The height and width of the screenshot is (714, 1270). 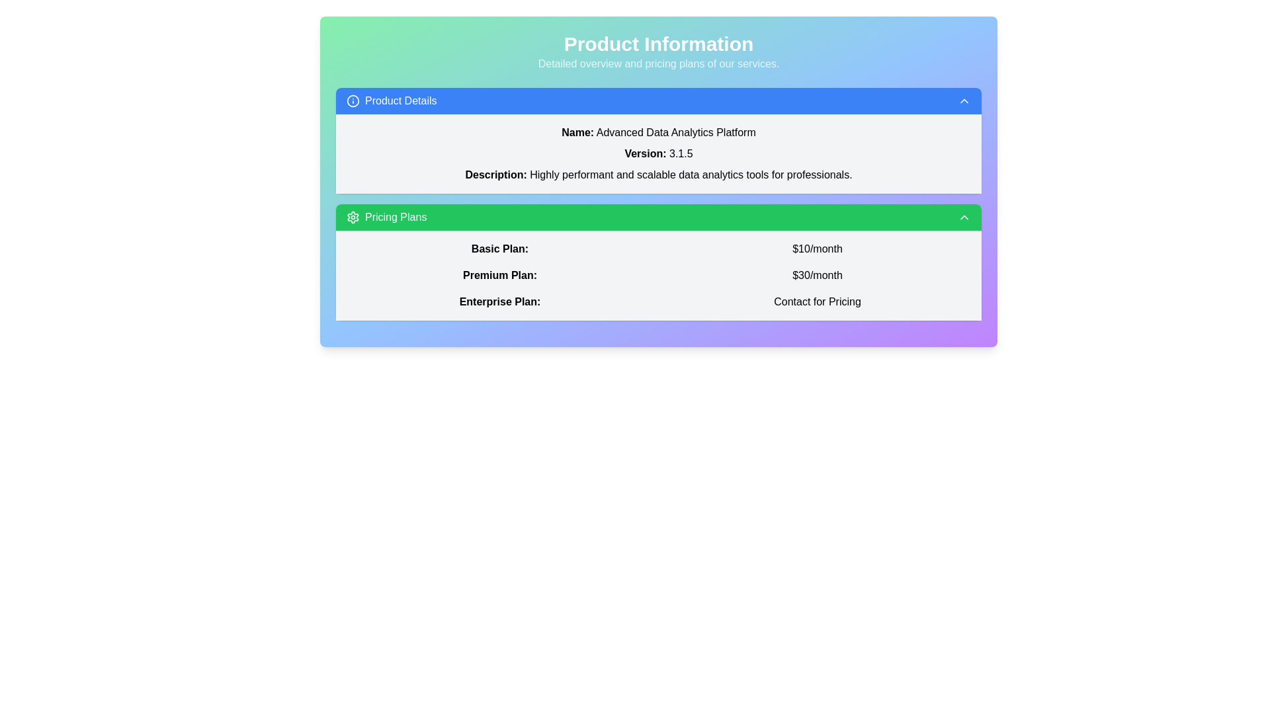 I want to click on the SVG circle icon located within the blue header section labeled 'Product Details', so click(x=353, y=100).